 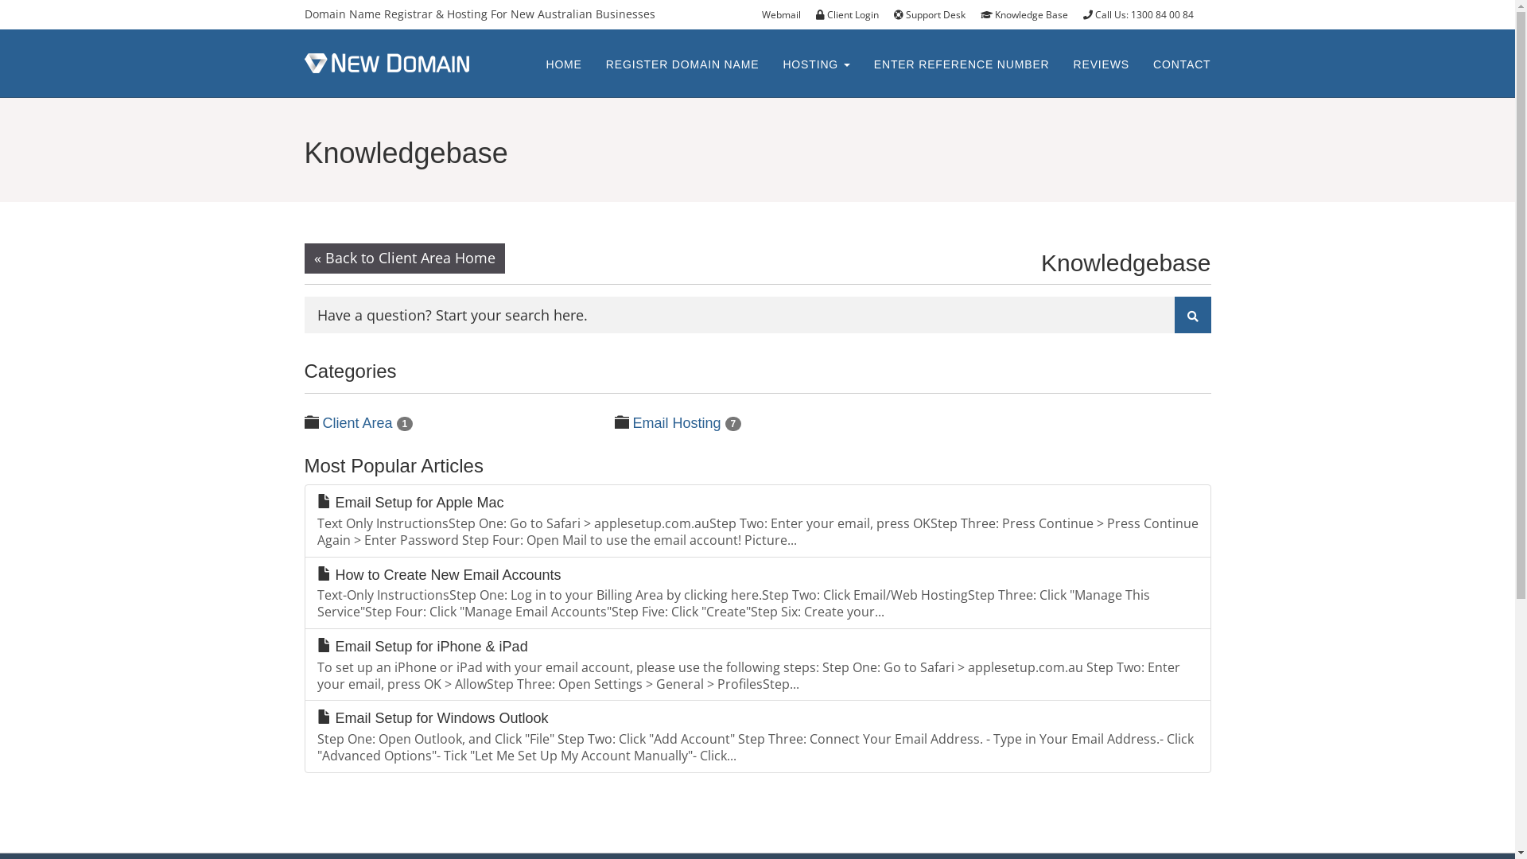 What do you see at coordinates (1061, 64) in the screenshot?
I see `'REVIEWS'` at bounding box center [1061, 64].